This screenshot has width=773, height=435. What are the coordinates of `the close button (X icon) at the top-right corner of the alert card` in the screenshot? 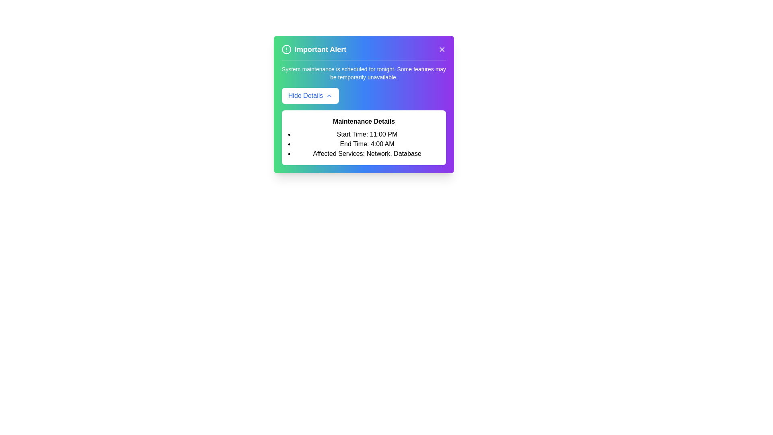 It's located at (442, 50).